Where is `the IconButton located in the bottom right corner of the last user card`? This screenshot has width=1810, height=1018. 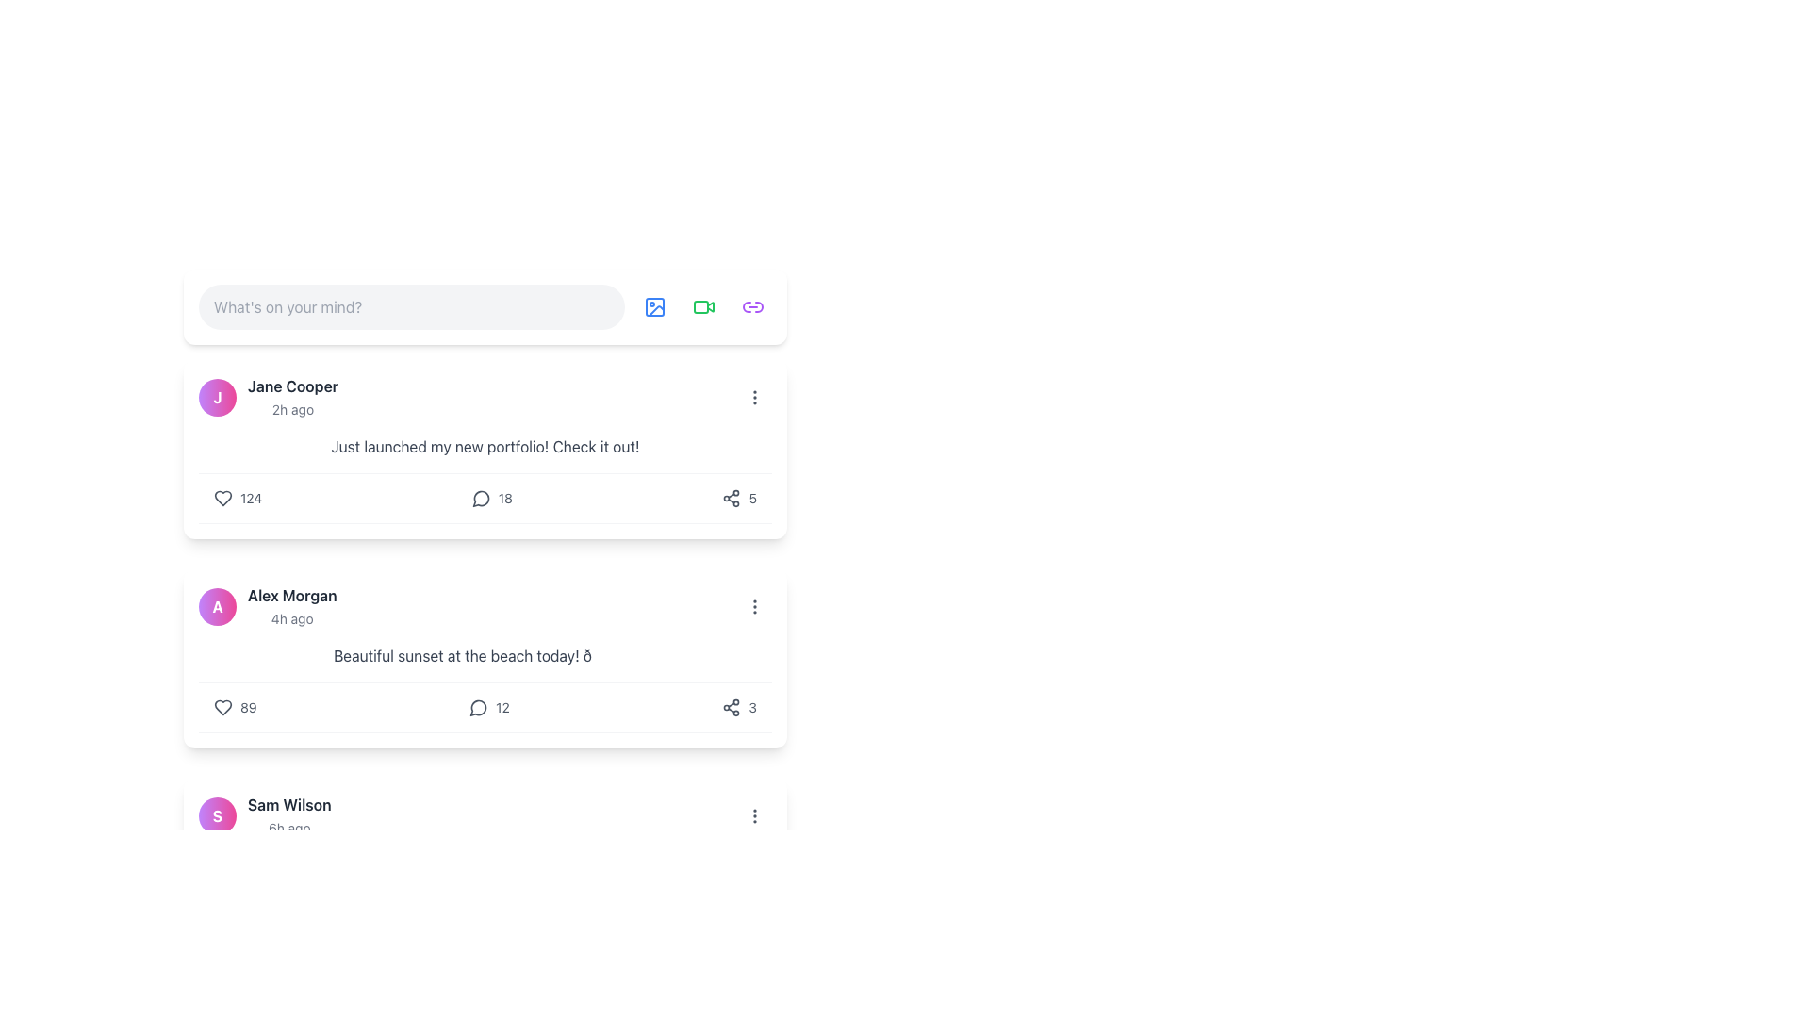
the IconButton located in the bottom right corner of the last user card is located at coordinates (755, 815).